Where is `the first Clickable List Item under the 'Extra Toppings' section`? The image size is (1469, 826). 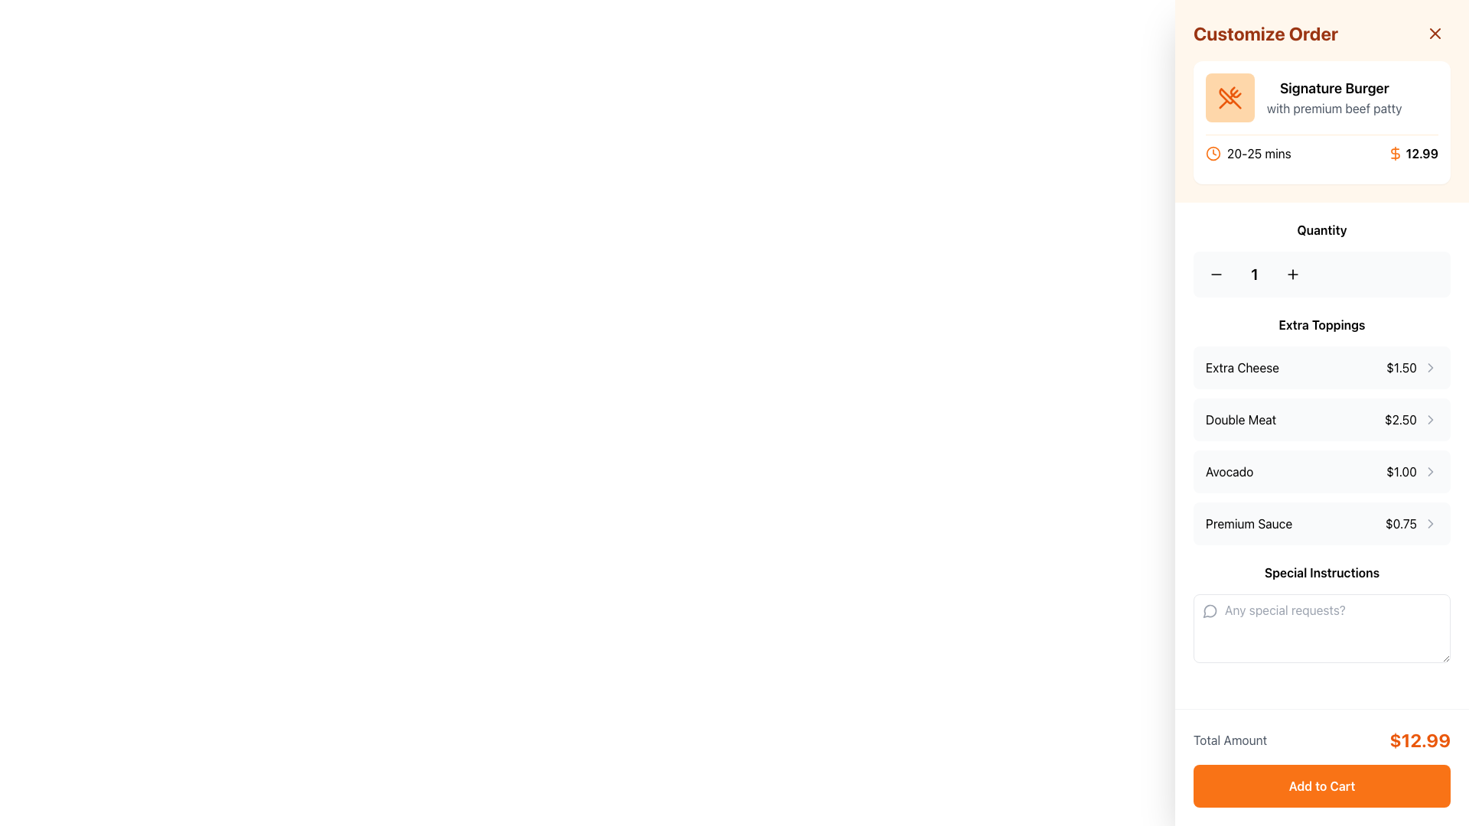
the first Clickable List Item under the 'Extra Toppings' section is located at coordinates (1321, 368).